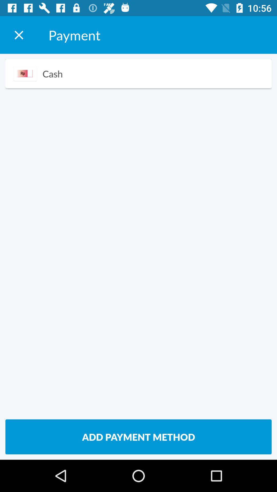 This screenshot has width=277, height=492. I want to click on exit, so click(18, 35).